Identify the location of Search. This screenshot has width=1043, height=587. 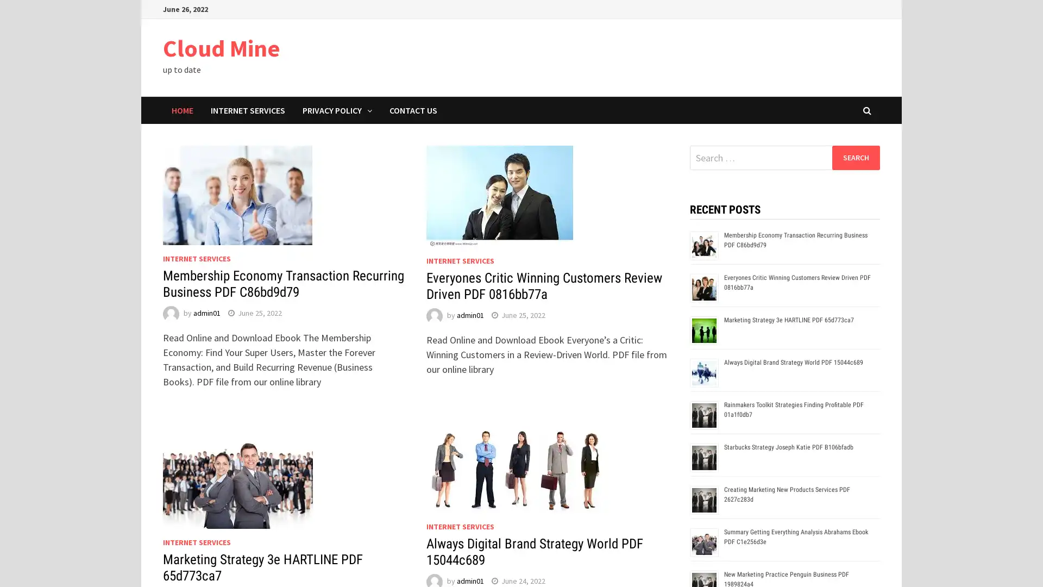
(855, 157).